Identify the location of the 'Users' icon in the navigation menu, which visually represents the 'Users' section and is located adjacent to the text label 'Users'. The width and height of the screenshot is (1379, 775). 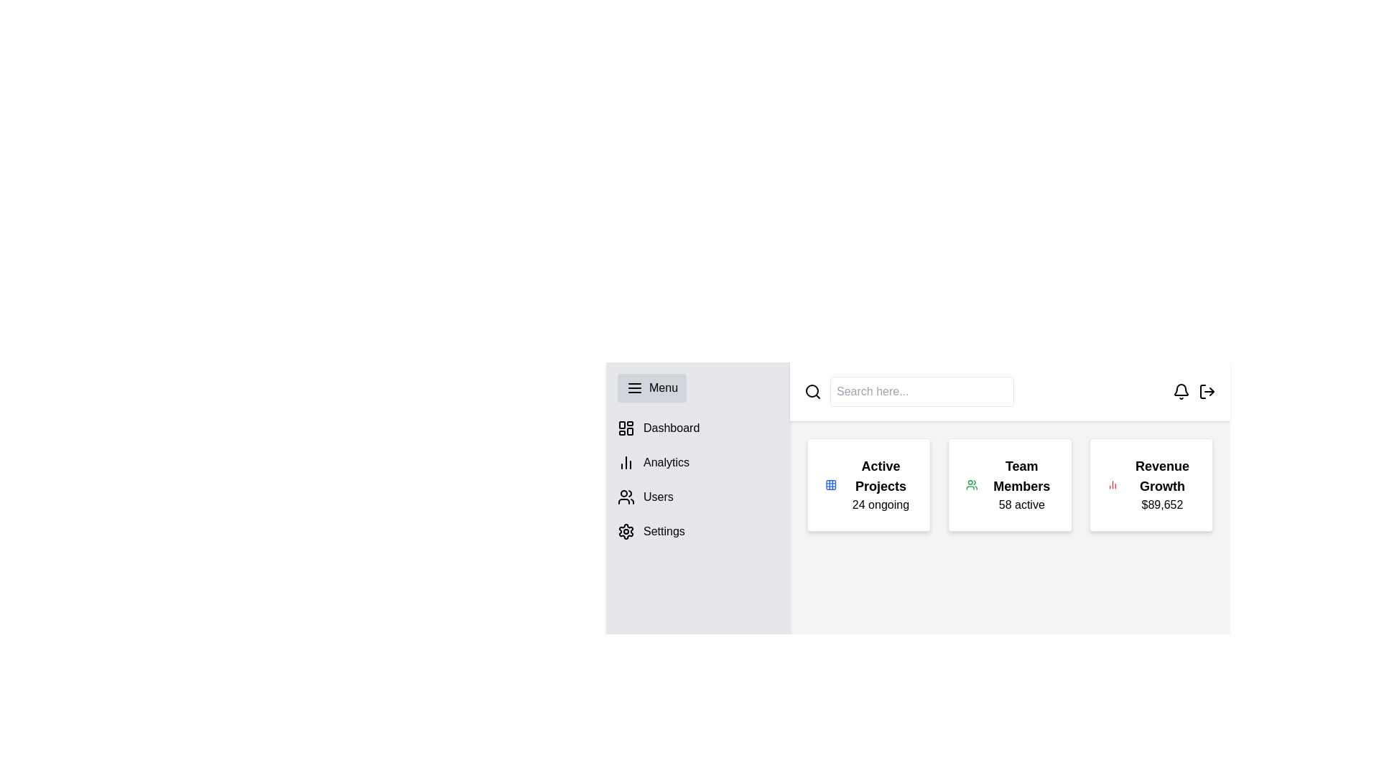
(626, 497).